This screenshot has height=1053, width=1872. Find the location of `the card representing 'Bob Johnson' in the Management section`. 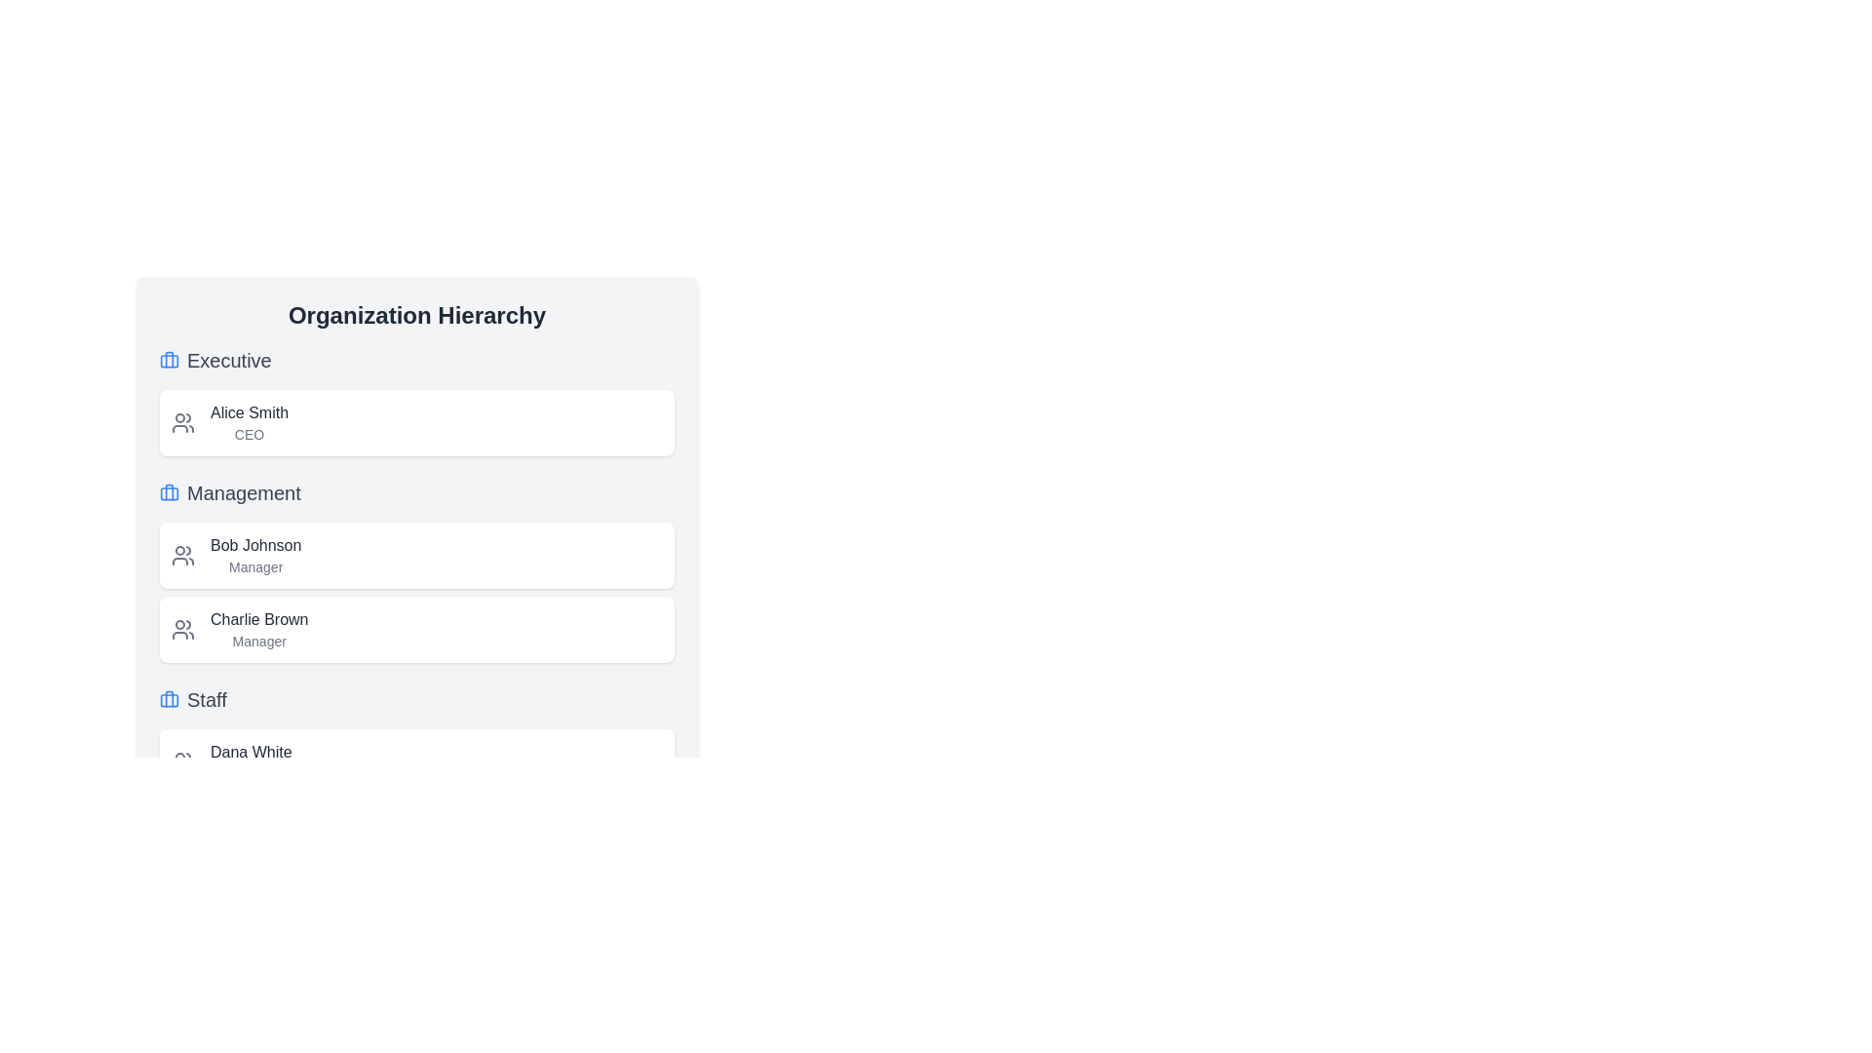

the card representing 'Bob Johnson' in the Management section is located at coordinates (415, 592).